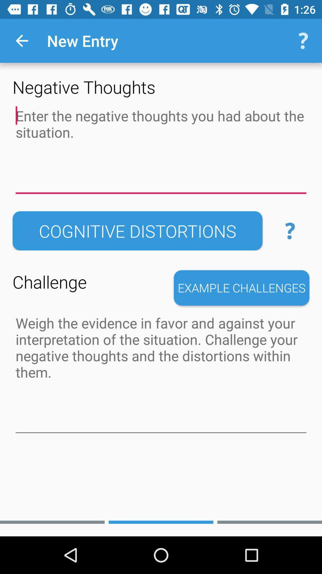  Describe the element at coordinates (290, 230) in the screenshot. I see `icon to the right of cognitive distortions icon` at that location.